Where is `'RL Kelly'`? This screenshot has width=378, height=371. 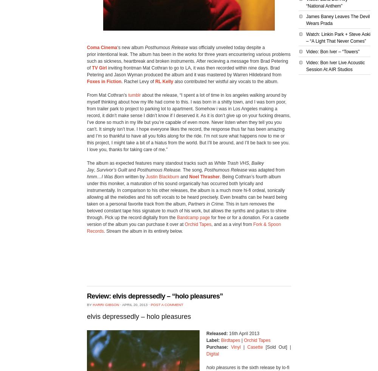 'RL Kelly' is located at coordinates (164, 81).